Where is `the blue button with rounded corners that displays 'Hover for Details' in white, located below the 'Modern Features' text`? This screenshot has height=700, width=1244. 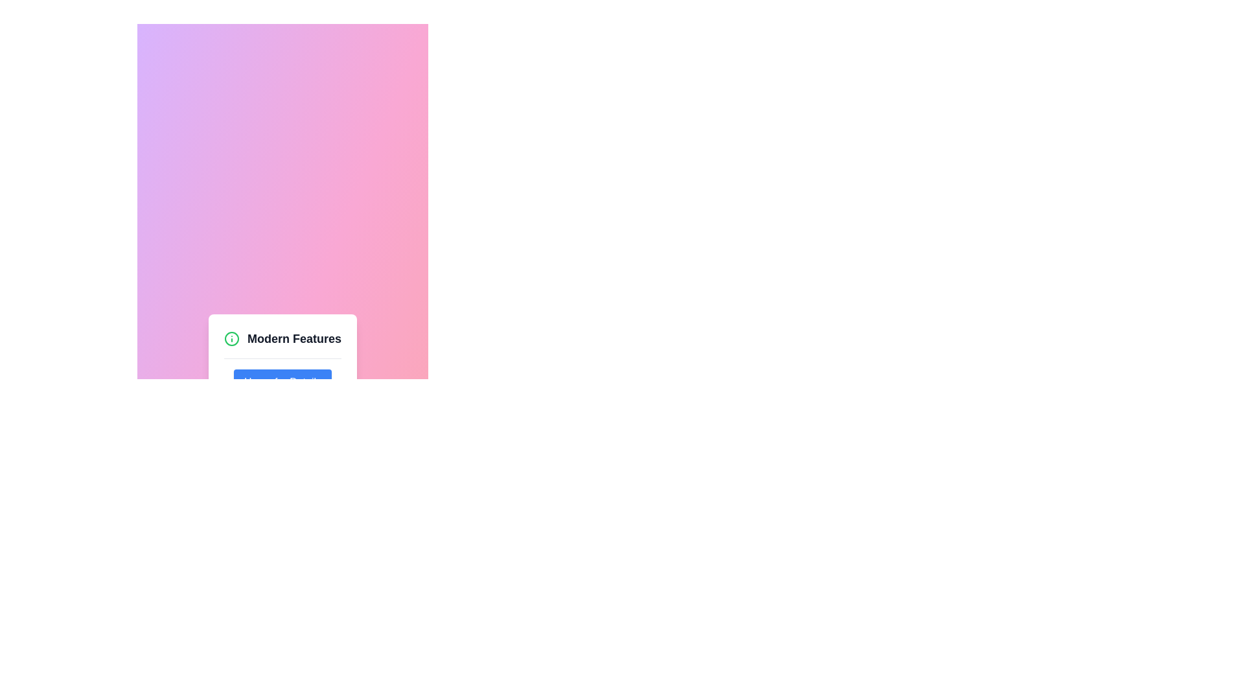 the blue button with rounded corners that displays 'Hover for Details' in white, located below the 'Modern Features' text is located at coordinates (282, 381).